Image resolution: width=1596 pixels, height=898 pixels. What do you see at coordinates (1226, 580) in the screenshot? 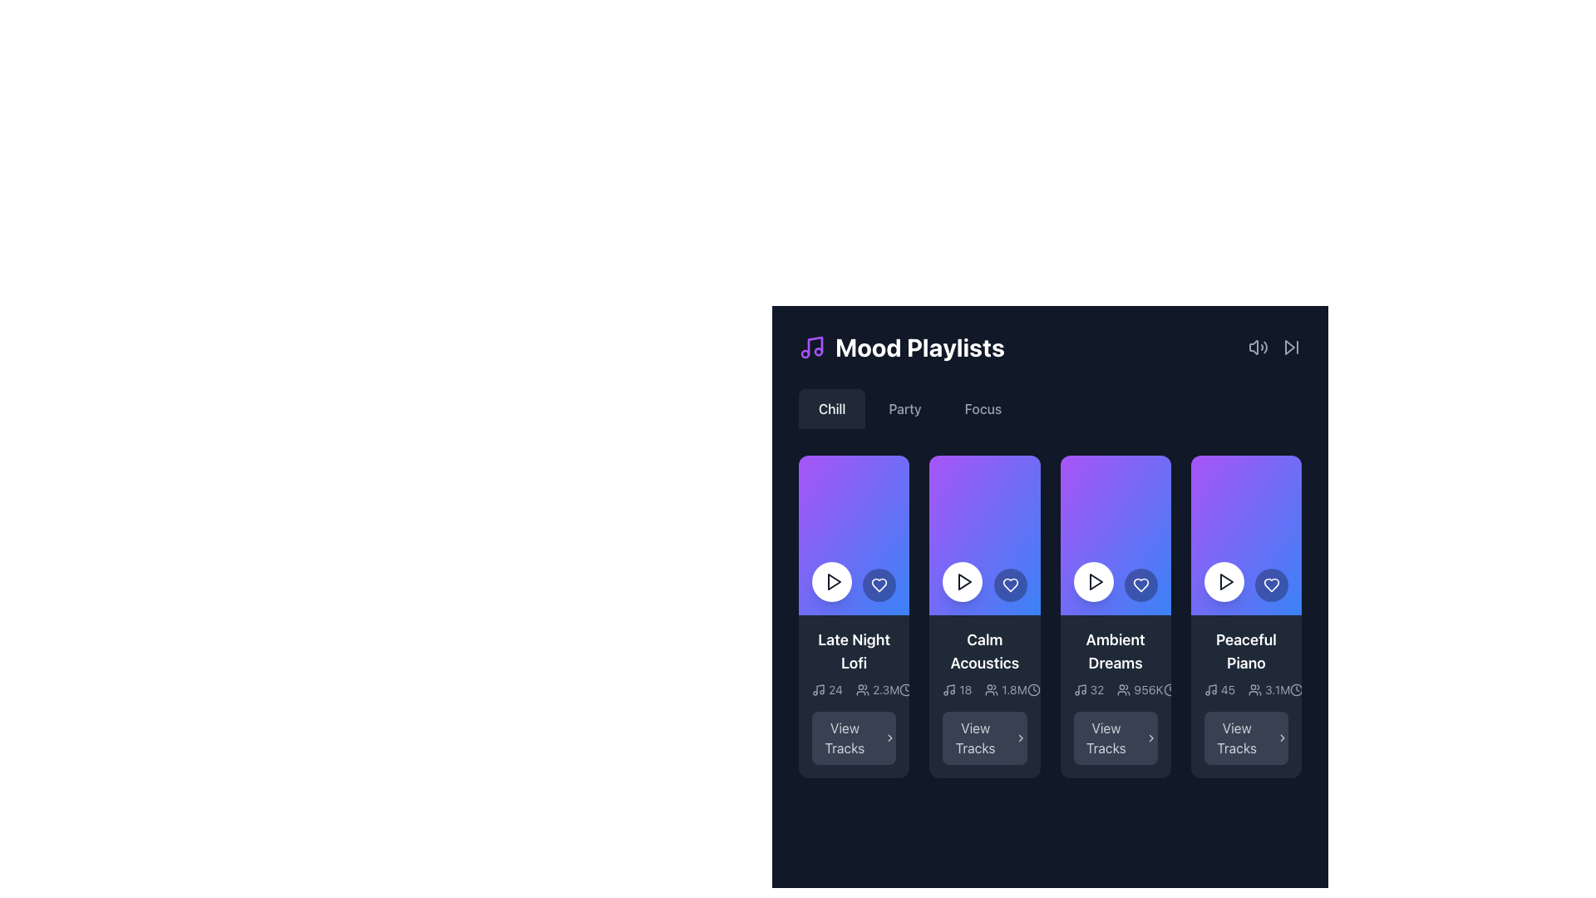
I see `the play button for 'Peaceful Piano' located` at bounding box center [1226, 580].